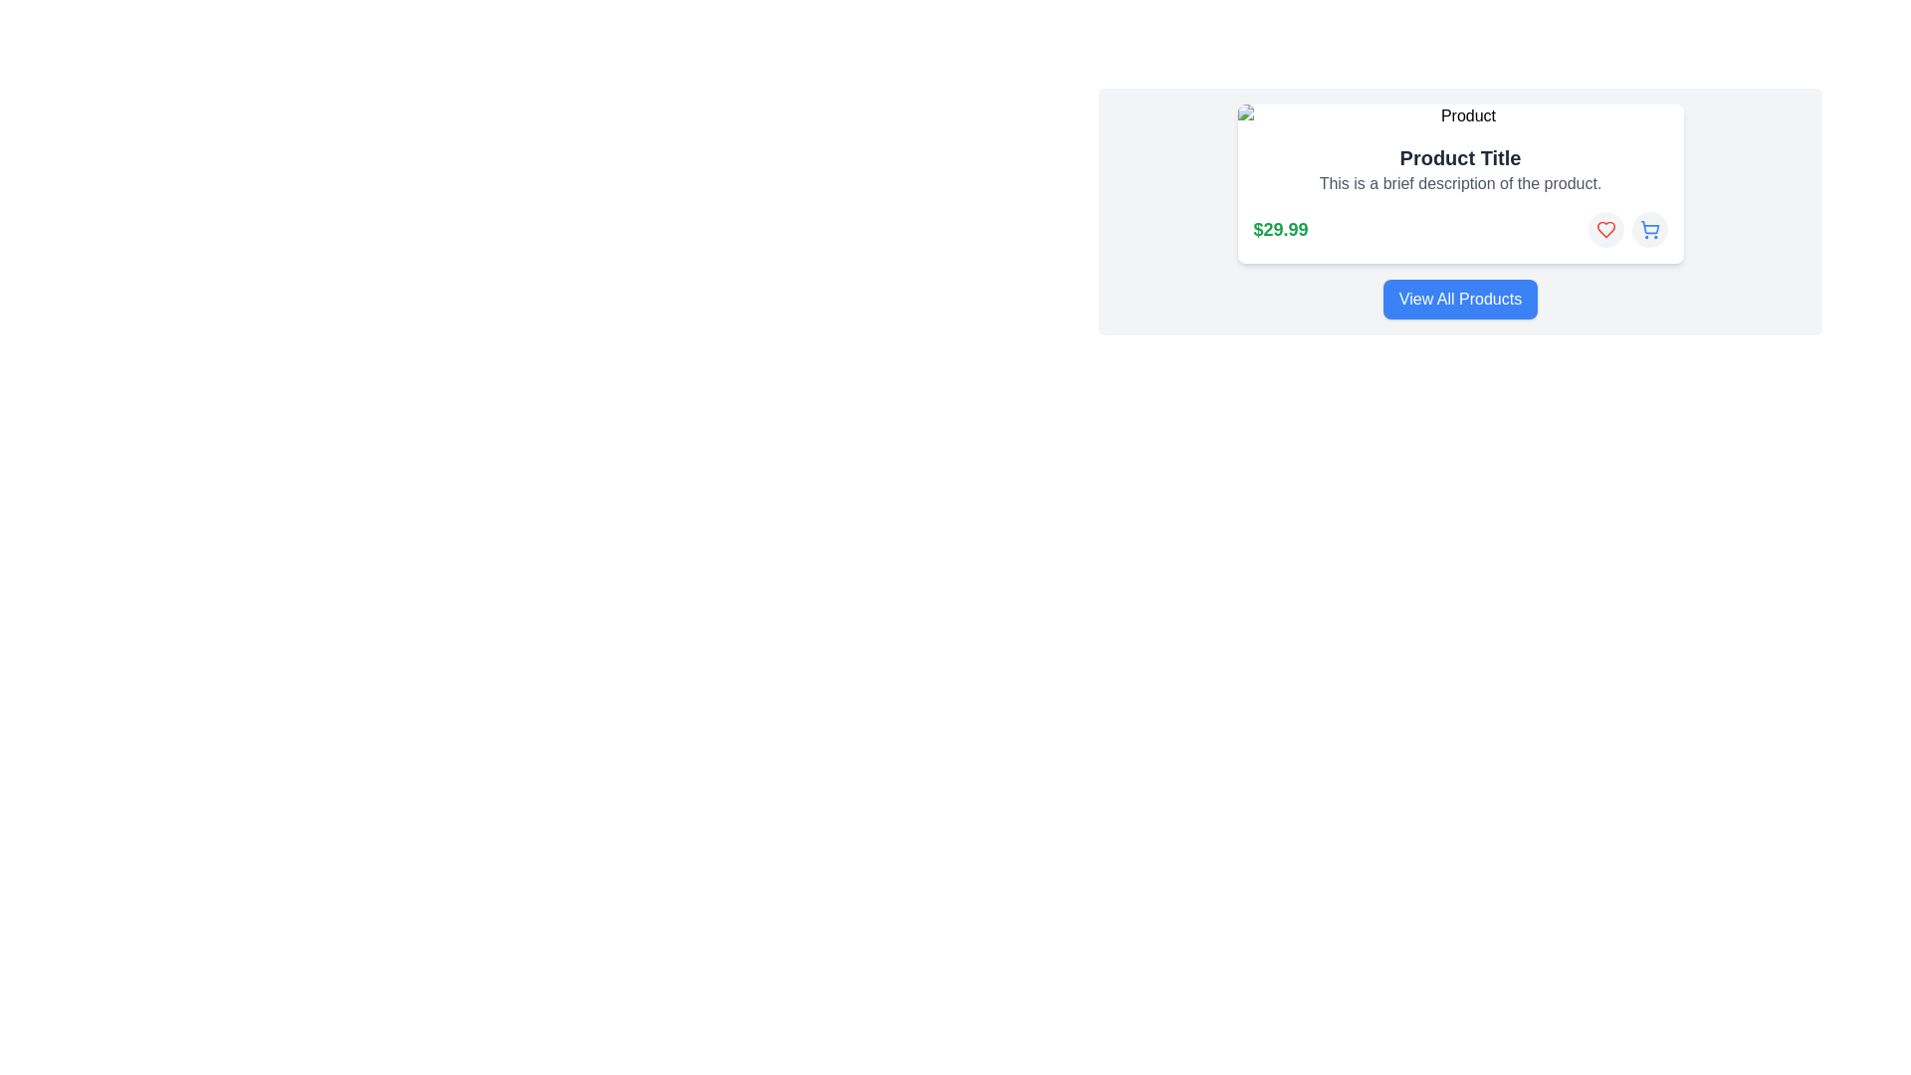 The image size is (1911, 1075). Describe the element at coordinates (1649, 229) in the screenshot. I see `the shopping cart icon located at the bottom-right corner of the product information card` at that location.